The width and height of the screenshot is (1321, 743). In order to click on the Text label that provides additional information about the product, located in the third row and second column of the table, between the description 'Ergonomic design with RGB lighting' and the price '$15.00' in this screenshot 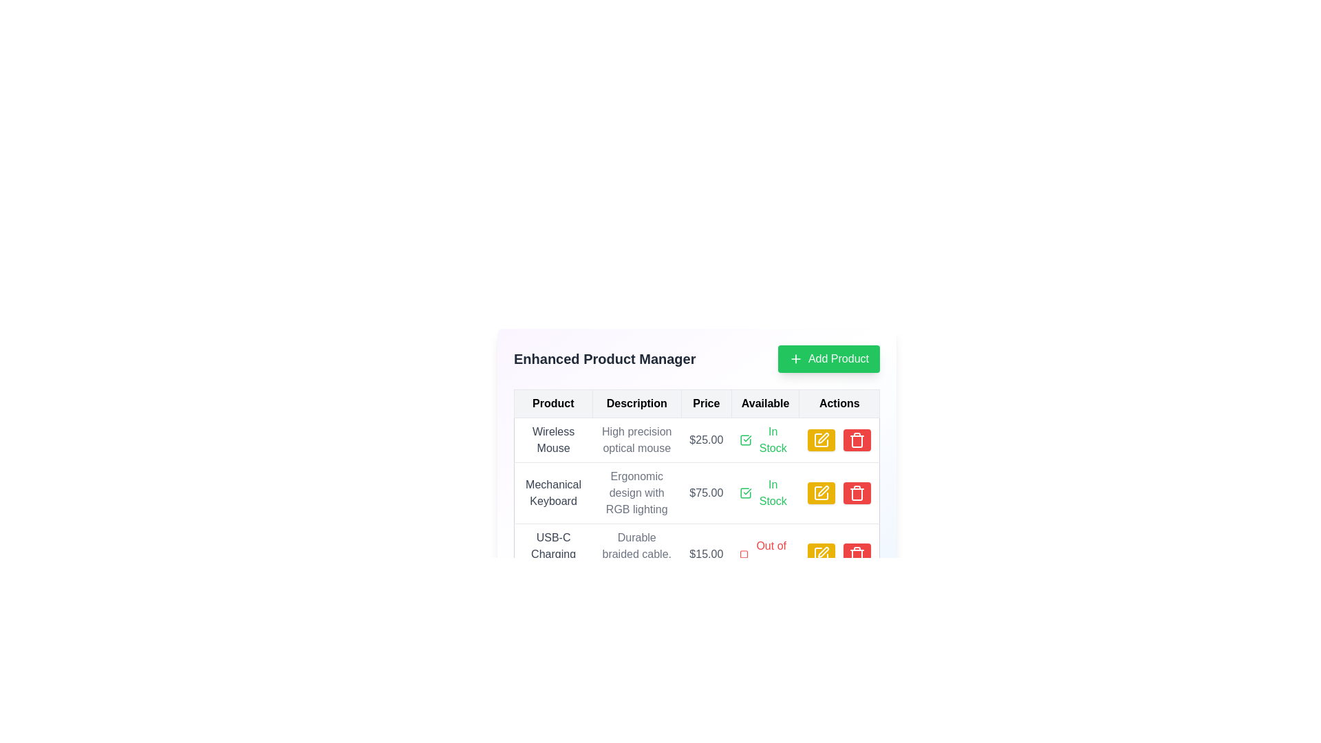, I will do `click(636, 554)`.